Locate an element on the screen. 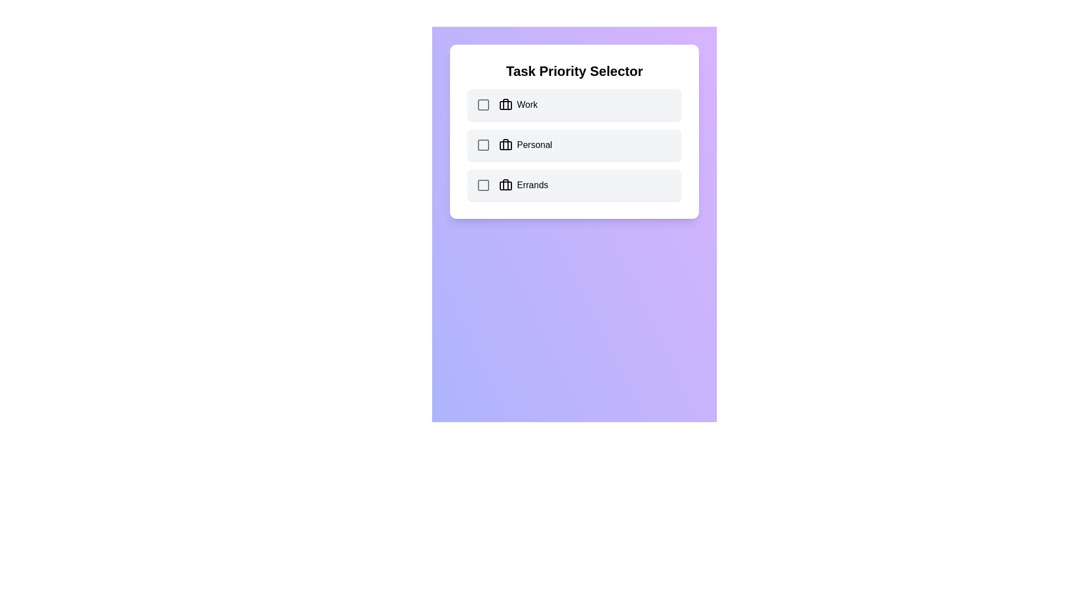 The image size is (1072, 603). the category Errands by clicking on its row is located at coordinates (574, 184).